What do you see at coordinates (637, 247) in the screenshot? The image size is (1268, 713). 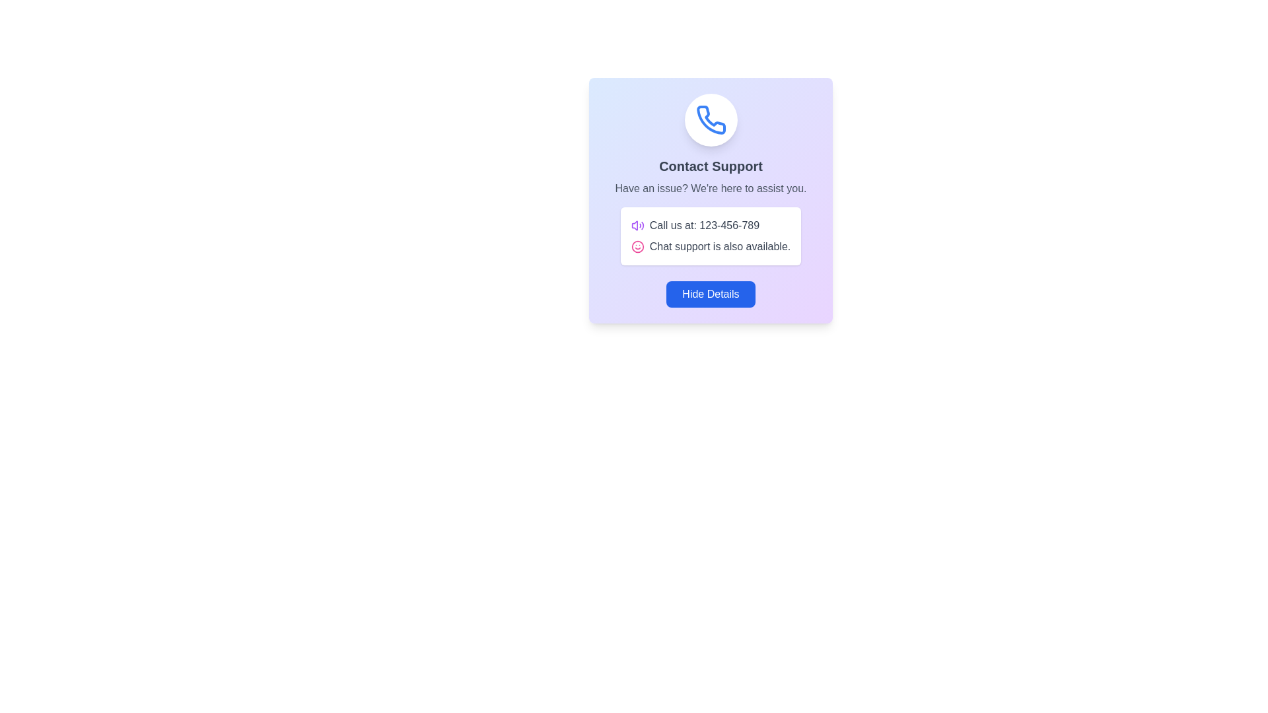 I see `the stylized smiling face icon with pink coloring that is located to the left of the text 'Chat support is also available.'` at bounding box center [637, 247].